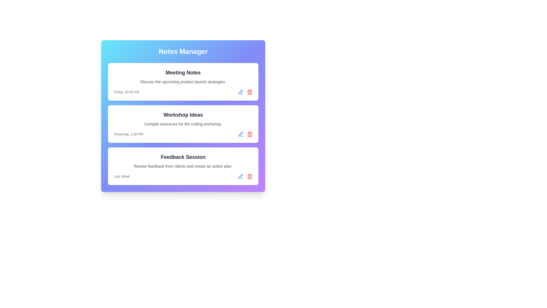 This screenshot has height=308, width=547. Describe the element at coordinates (240, 134) in the screenshot. I see `the edit icon for the note titled 'Workshop Ideas'` at that location.